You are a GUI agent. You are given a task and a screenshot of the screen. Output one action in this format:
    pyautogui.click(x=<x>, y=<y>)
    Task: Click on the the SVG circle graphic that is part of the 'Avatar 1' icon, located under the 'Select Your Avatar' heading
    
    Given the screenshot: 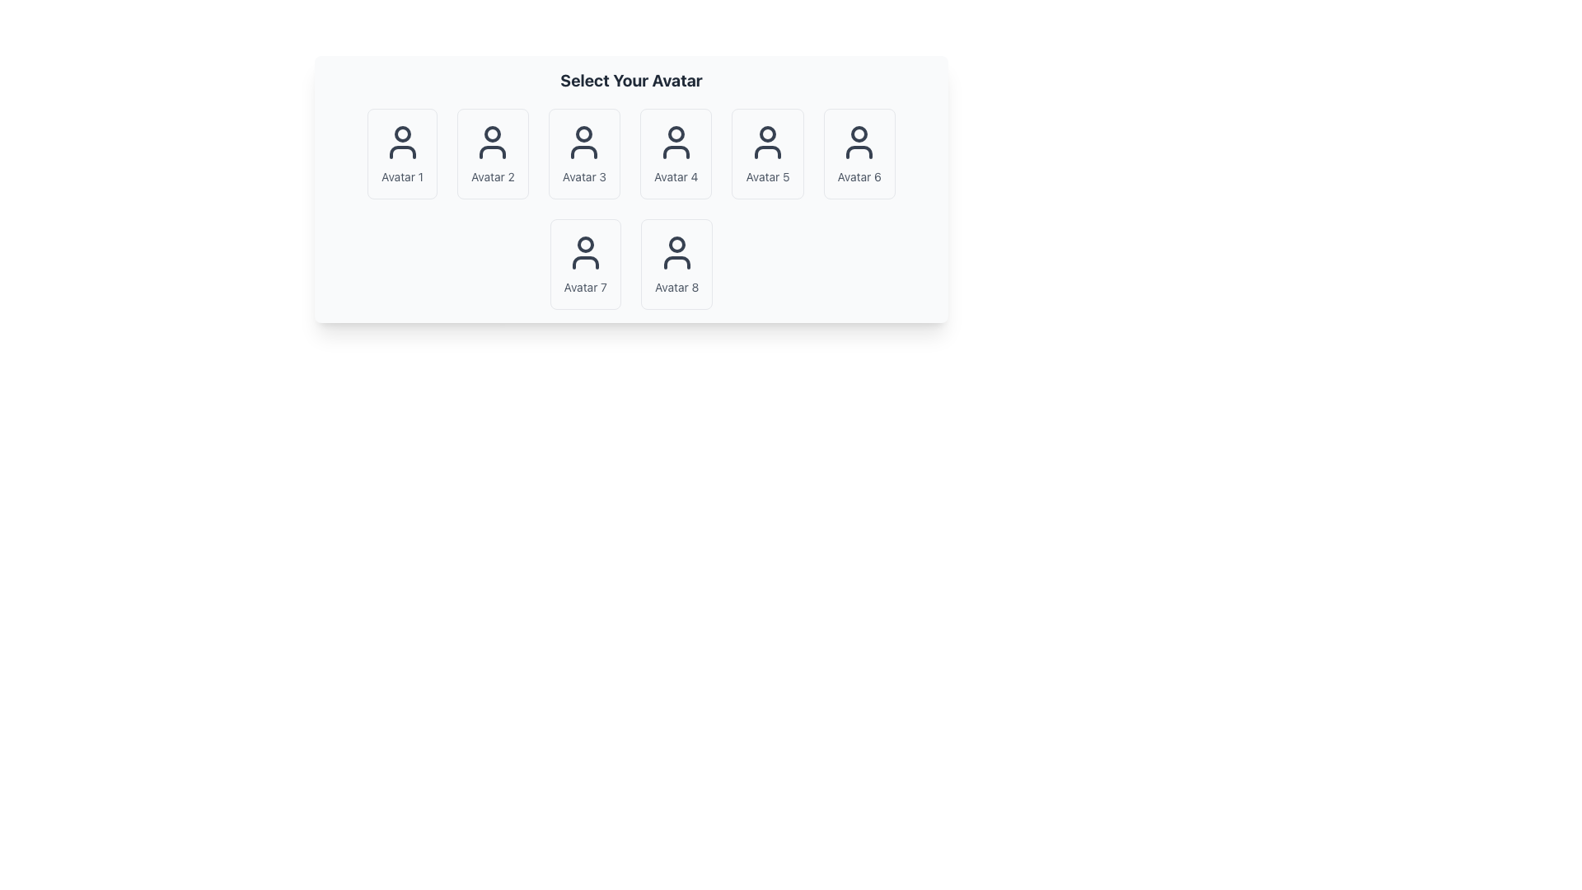 What is the action you would take?
    pyautogui.click(x=402, y=133)
    